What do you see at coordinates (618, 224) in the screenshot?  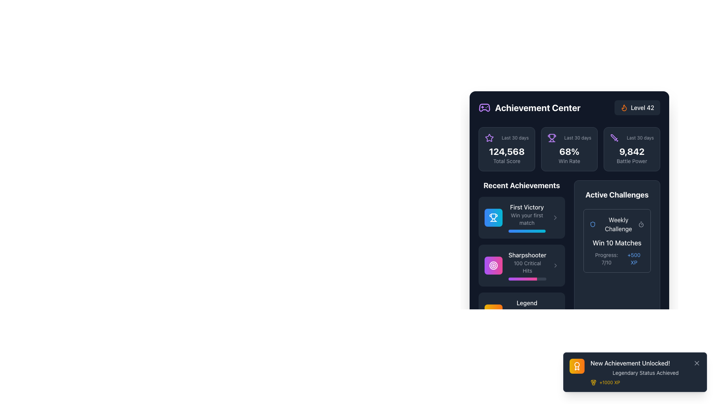 I see `the 'Weekly Challenge' static text label located at the top of the 'Active Challenges' section, which identifies the current challenge and is accompanied by a shield icon` at bounding box center [618, 224].